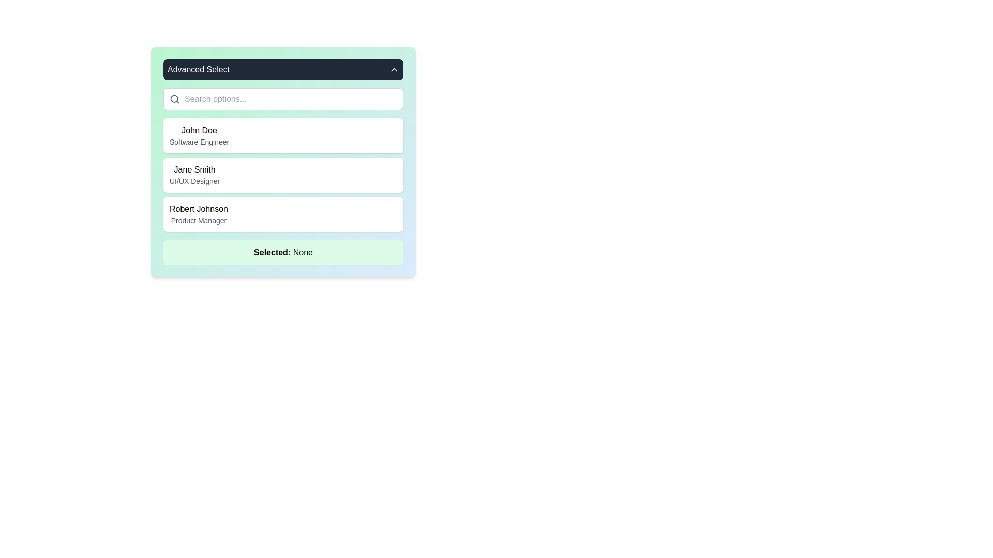  Describe the element at coordinates (283, 175) in the screenshot. I see `the second list item displaying the name 'Jane Smith' and title 'UI/UX Designer'` at that location.